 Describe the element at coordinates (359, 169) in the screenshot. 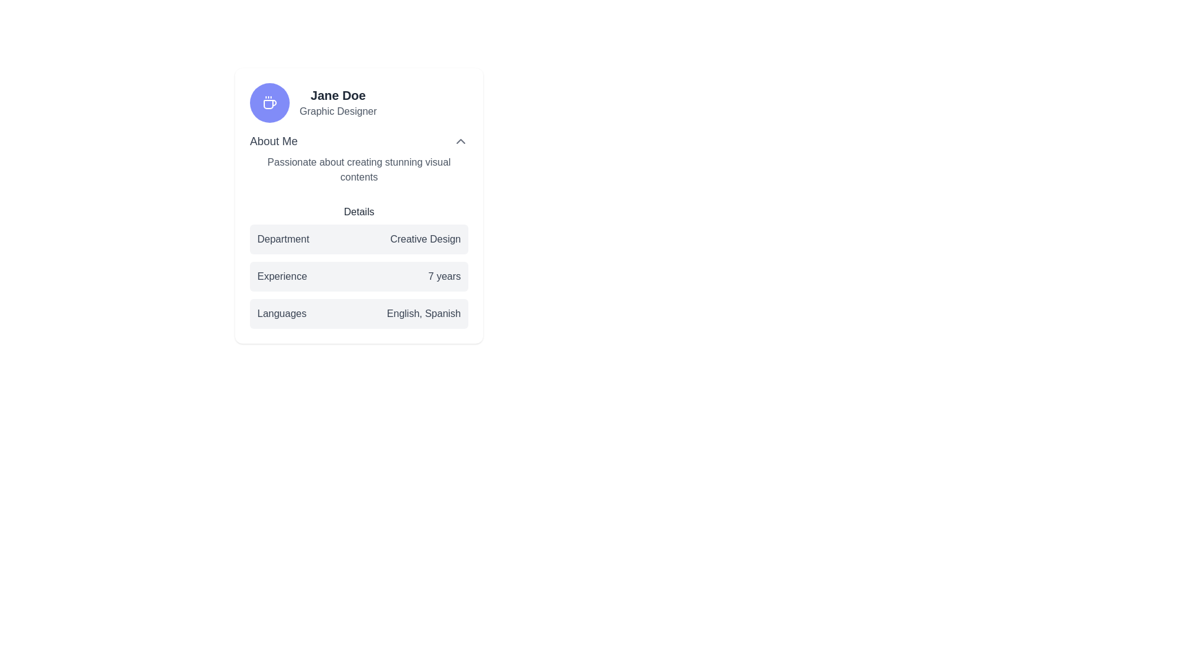

I see `text content of the Text display component located below the 'About Me' heading, which provides descriptive information about the user's interests or expertise` at that location.